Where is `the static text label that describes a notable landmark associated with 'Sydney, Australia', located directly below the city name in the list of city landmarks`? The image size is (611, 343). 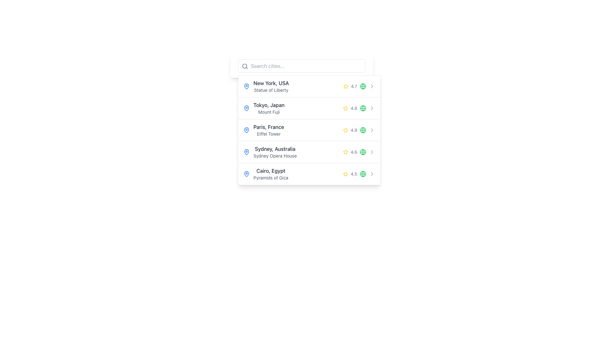 the static text label that describes a notable landmark associated with 'Sydney, Australia', located directly below the city name in the list of city landmarks is located at coordinates (275, 156).